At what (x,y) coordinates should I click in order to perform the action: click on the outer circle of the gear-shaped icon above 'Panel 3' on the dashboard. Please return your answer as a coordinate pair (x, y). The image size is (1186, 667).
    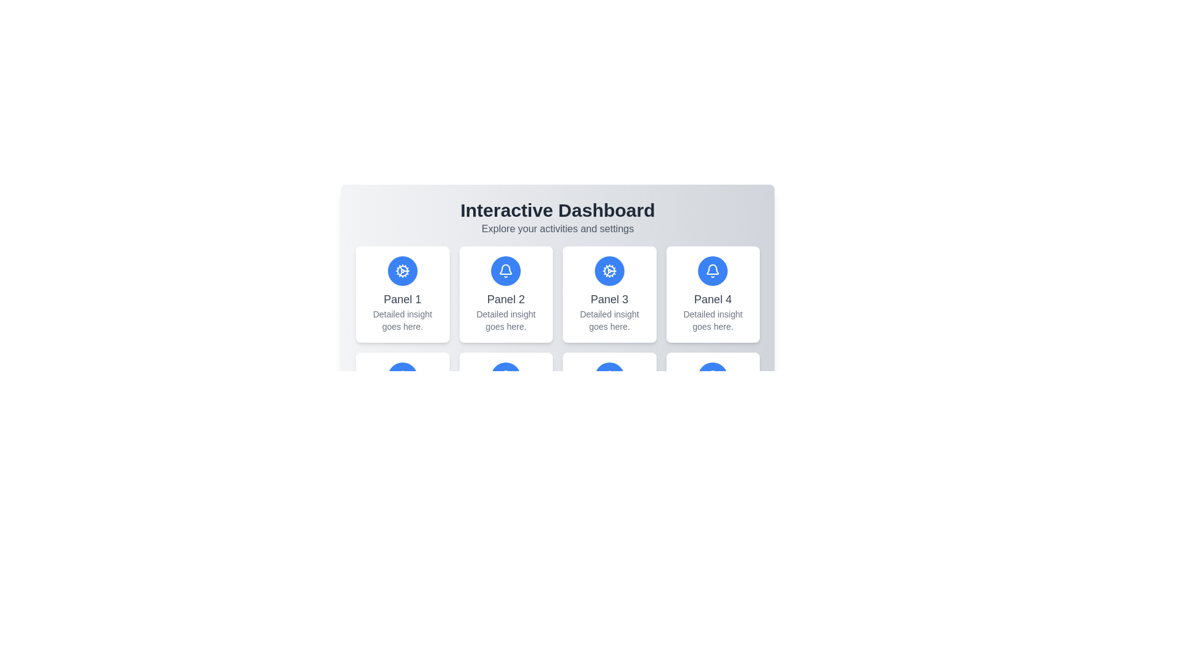
    Looking at the image, I should click on (402, 271).